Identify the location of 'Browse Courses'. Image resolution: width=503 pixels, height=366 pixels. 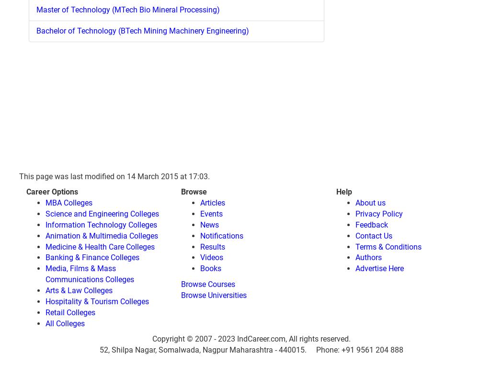
(207, 284).